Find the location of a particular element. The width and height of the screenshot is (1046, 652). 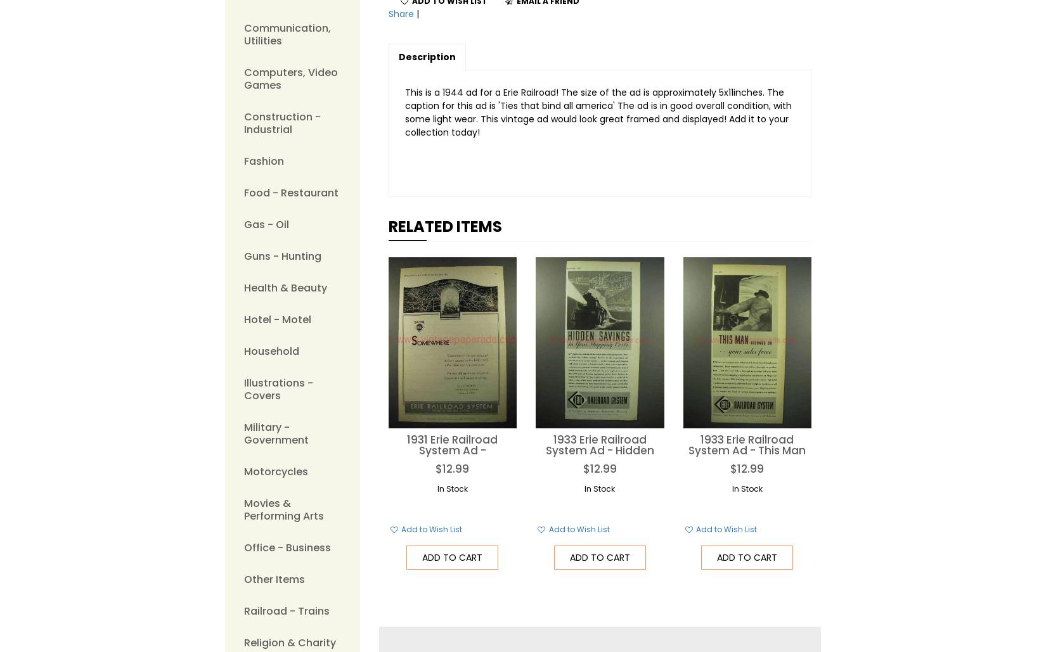

'1931 Erie Railroad System Ad - Somewhere' is located at coordinates (406, 449).